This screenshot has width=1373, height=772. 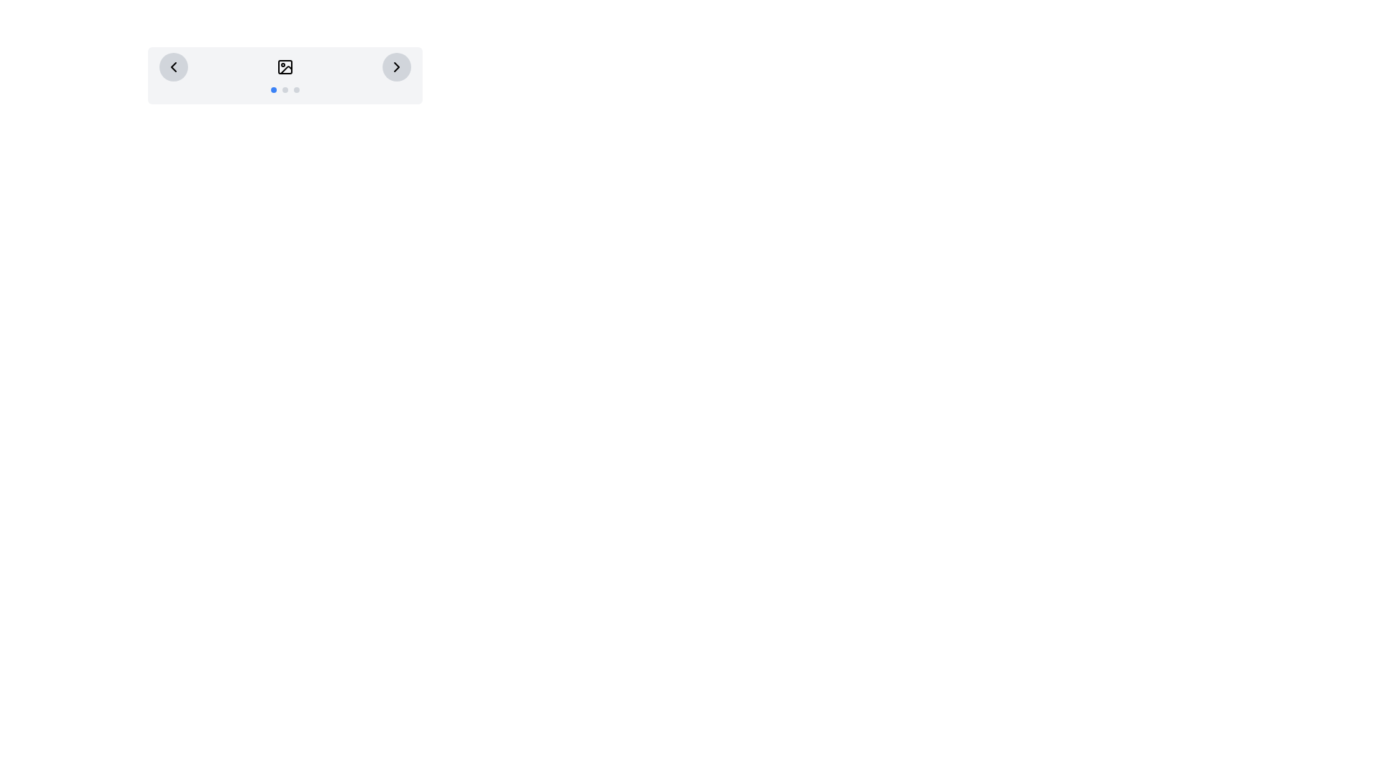 I want to click on the middle dot of the Pagination Indicator, which is a horizontal arrangement of three small dots with the middle dot in light gray color, so click(x=285, y=90).